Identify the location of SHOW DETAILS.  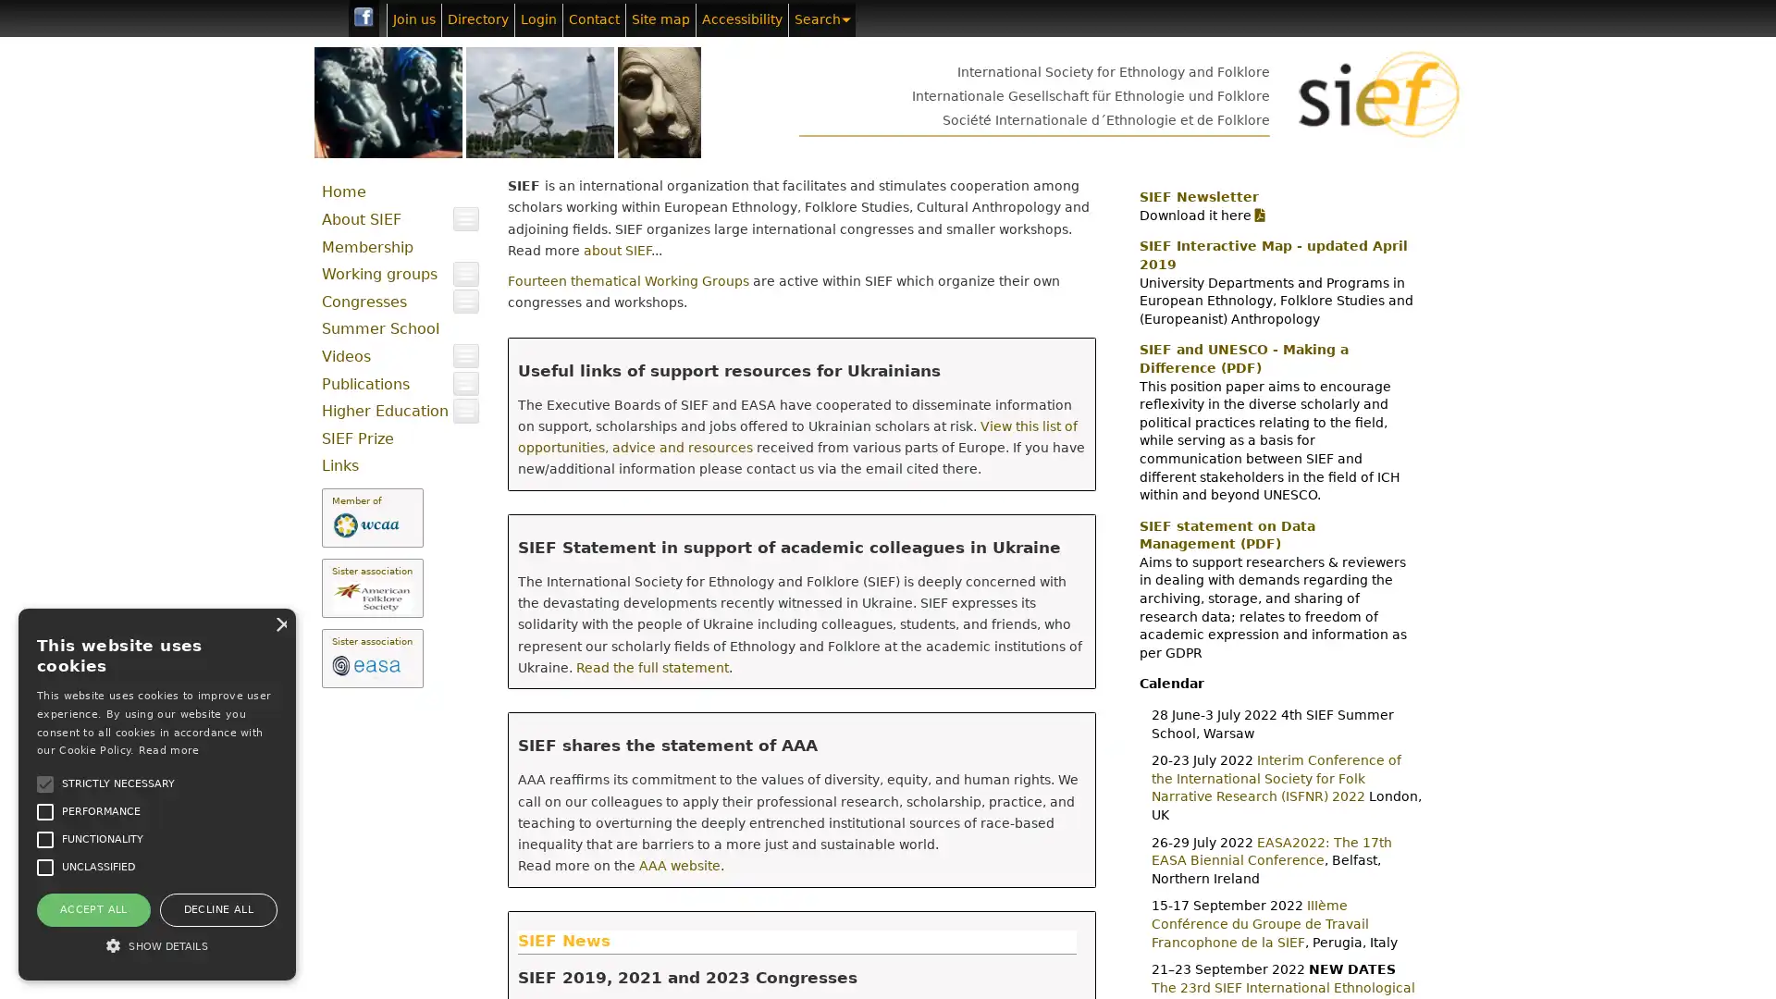
(156, 945).